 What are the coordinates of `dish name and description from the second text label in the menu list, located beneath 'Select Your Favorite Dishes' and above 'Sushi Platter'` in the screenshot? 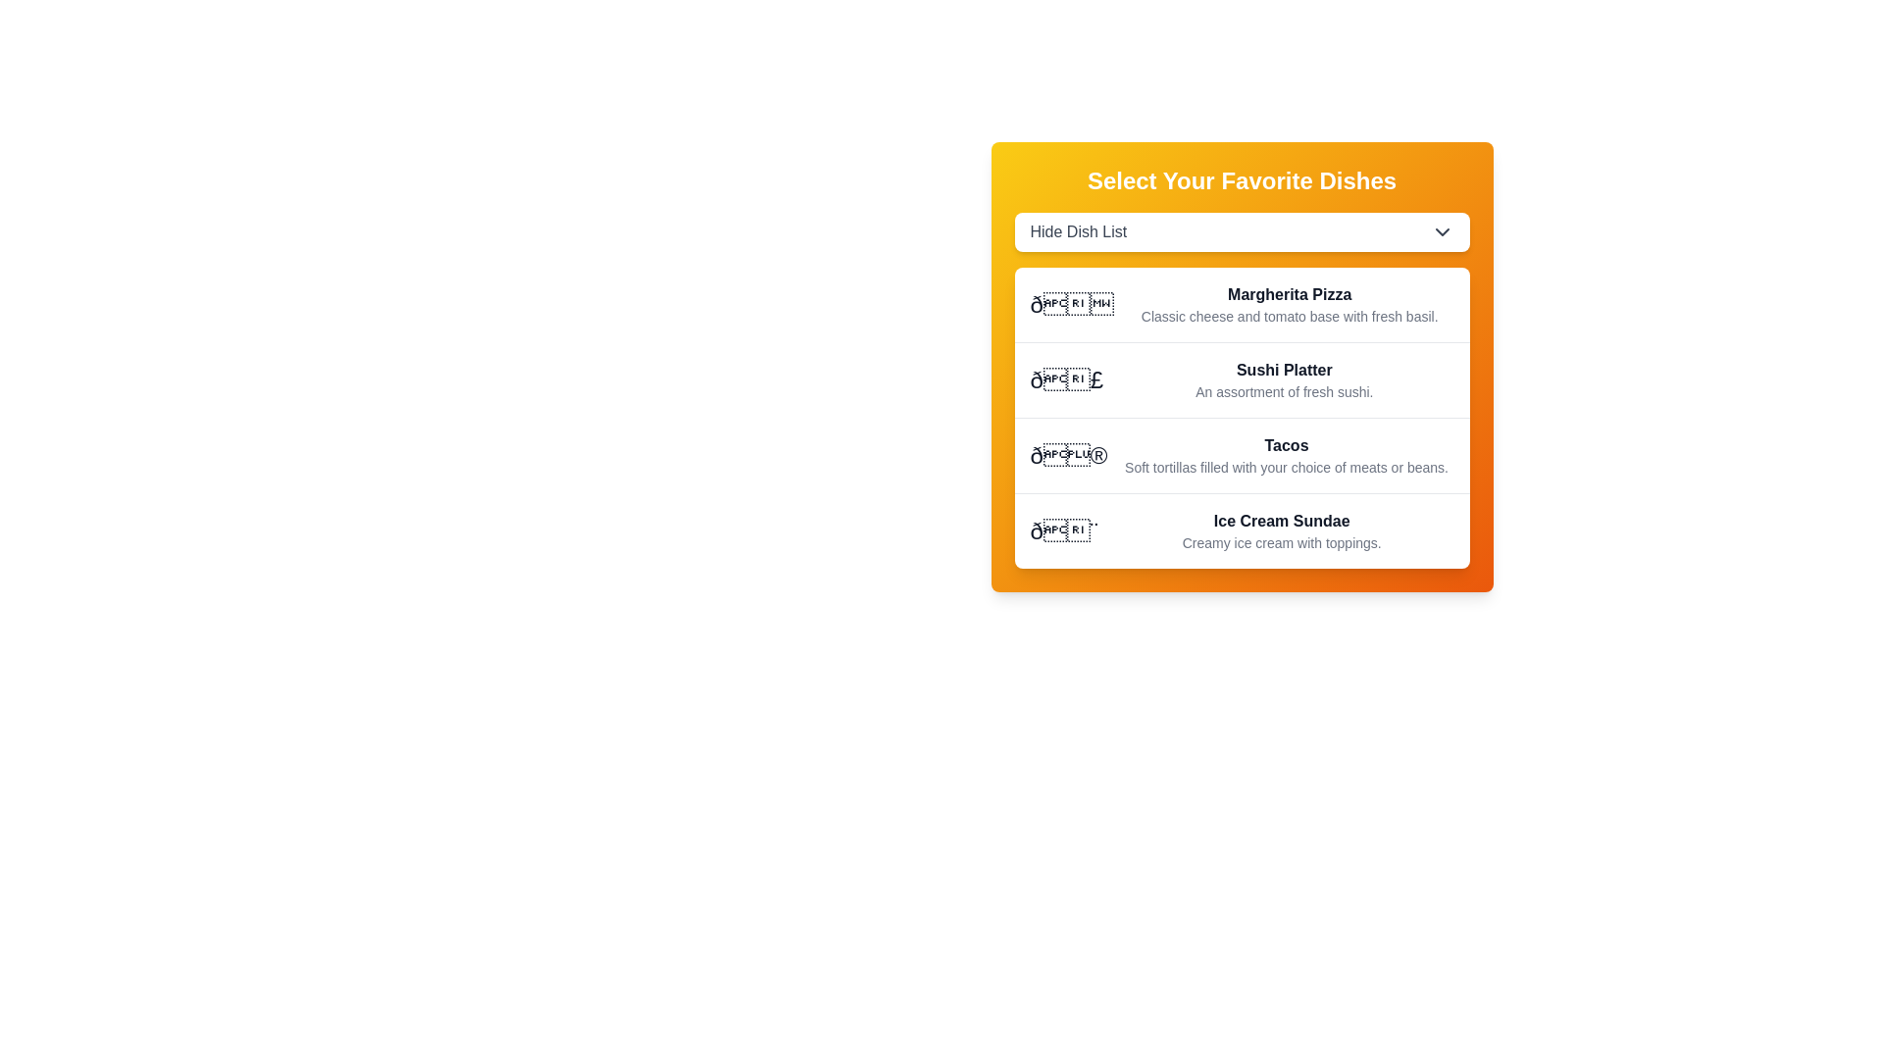 It's located at (1290, 305).